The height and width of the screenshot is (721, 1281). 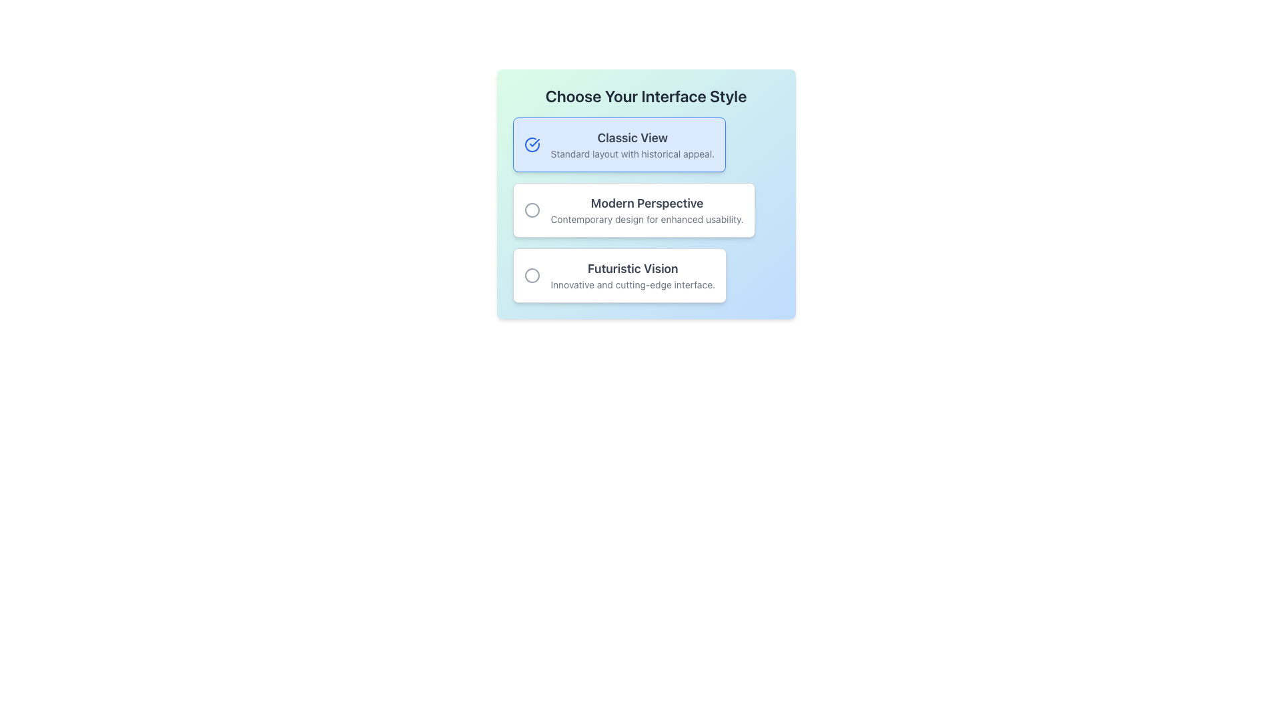 I want to click on the textual UI component titled 'Modern Perspective', which features a larger bold dark gray title and a smaller light gray subtitle, positioned centrally under the 'Choose Your Interface Style' title as the middle option in a three-selection menu, so click(x=647, y=210).